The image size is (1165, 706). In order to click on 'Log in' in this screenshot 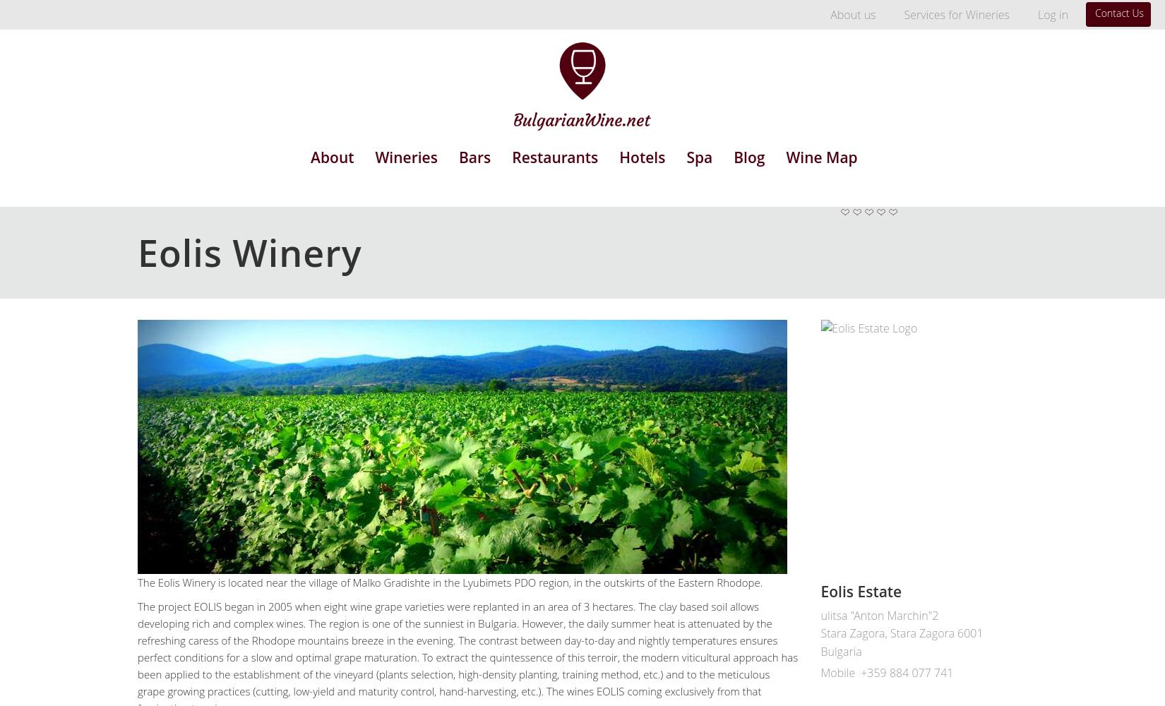, I will do `click(1036, 15)`.